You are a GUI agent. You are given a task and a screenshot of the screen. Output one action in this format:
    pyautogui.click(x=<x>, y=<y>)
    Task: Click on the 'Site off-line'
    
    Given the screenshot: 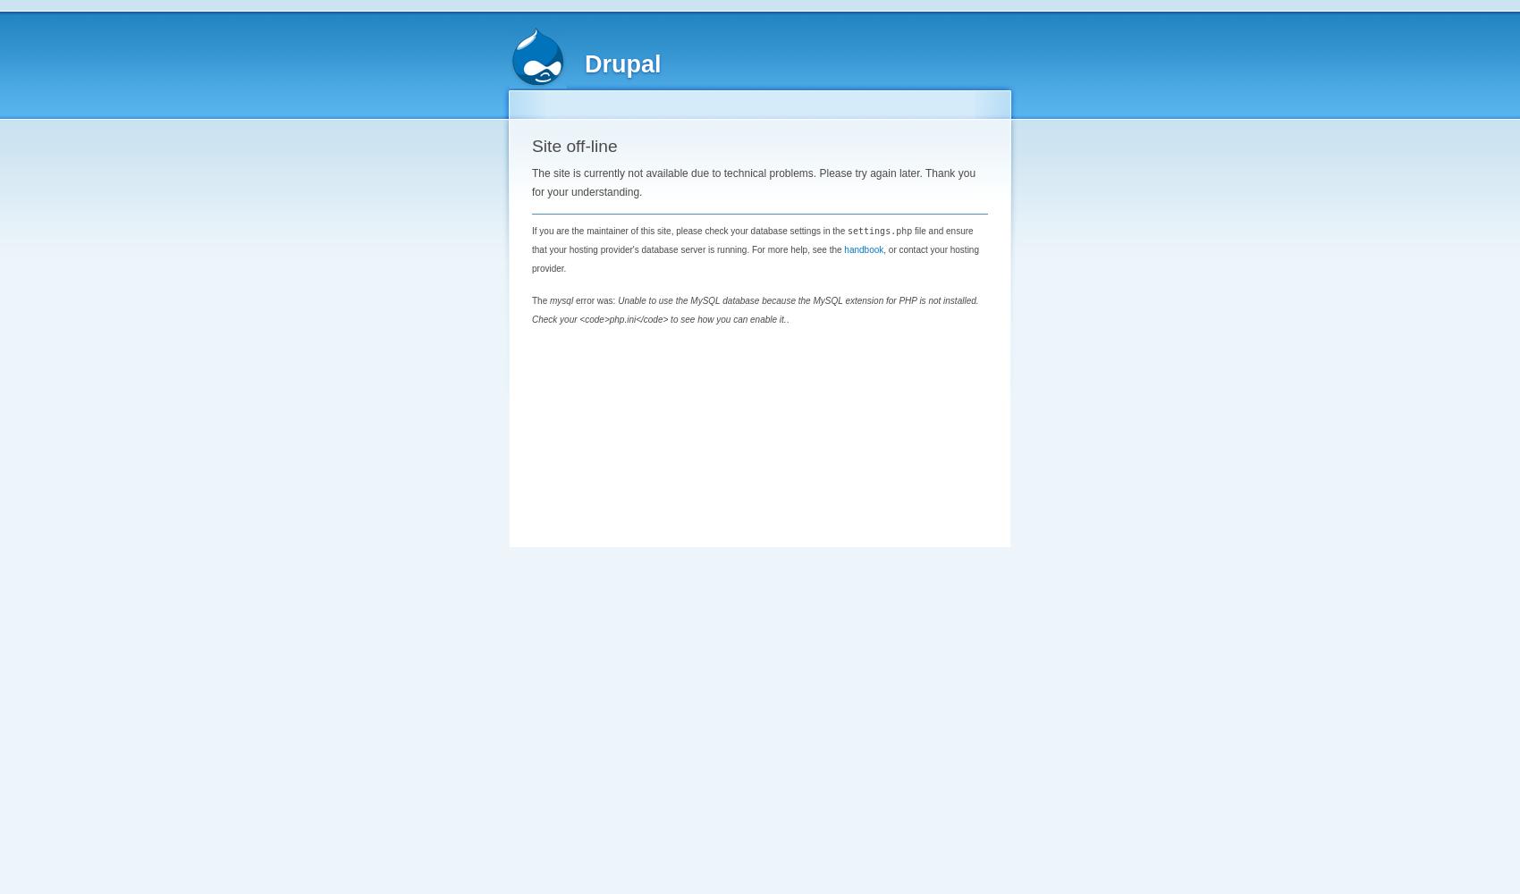 What is the action you would take?
    pyautogui.click(x=574, y=146)
    